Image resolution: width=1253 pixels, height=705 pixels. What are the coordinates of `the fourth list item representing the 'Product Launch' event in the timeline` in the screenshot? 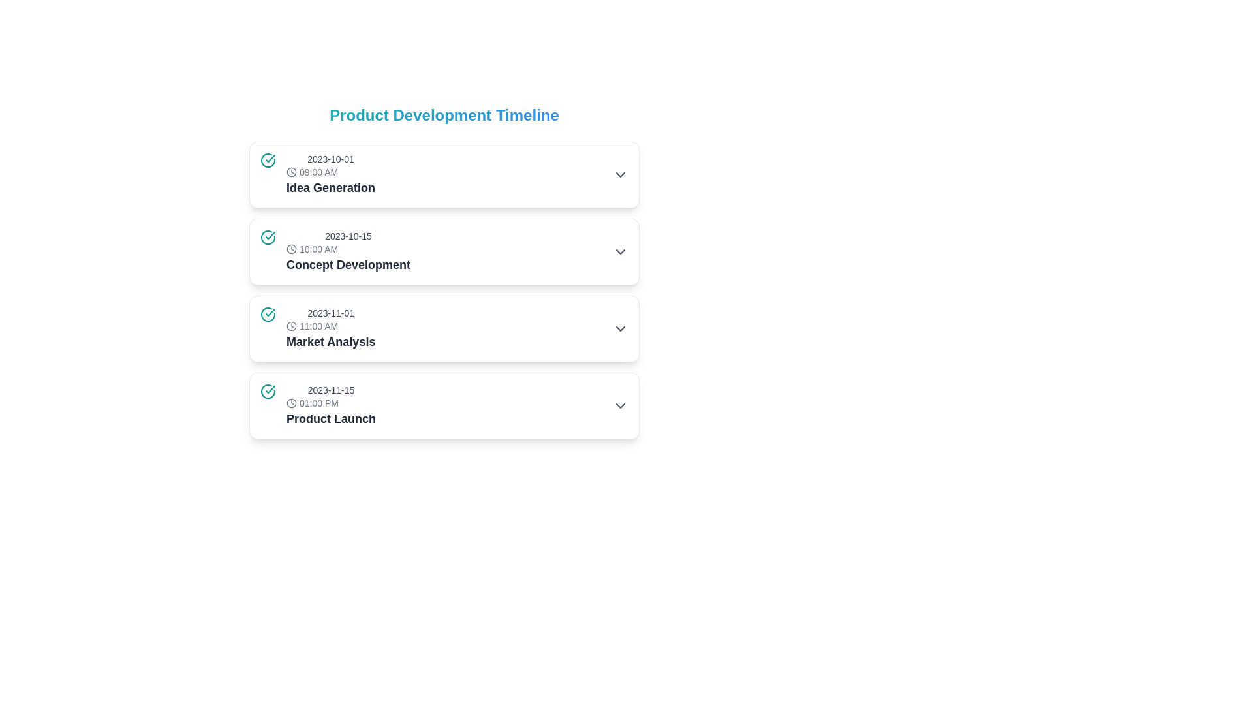 It's located at (444, 405).